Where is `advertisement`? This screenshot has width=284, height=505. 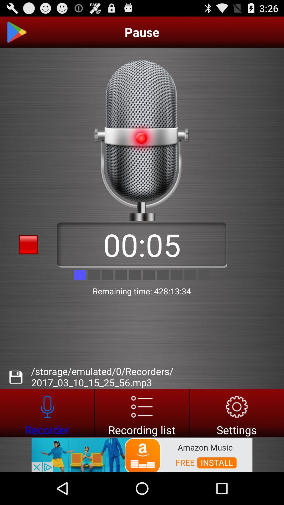 advertisement is located at coordinates (142, 454).